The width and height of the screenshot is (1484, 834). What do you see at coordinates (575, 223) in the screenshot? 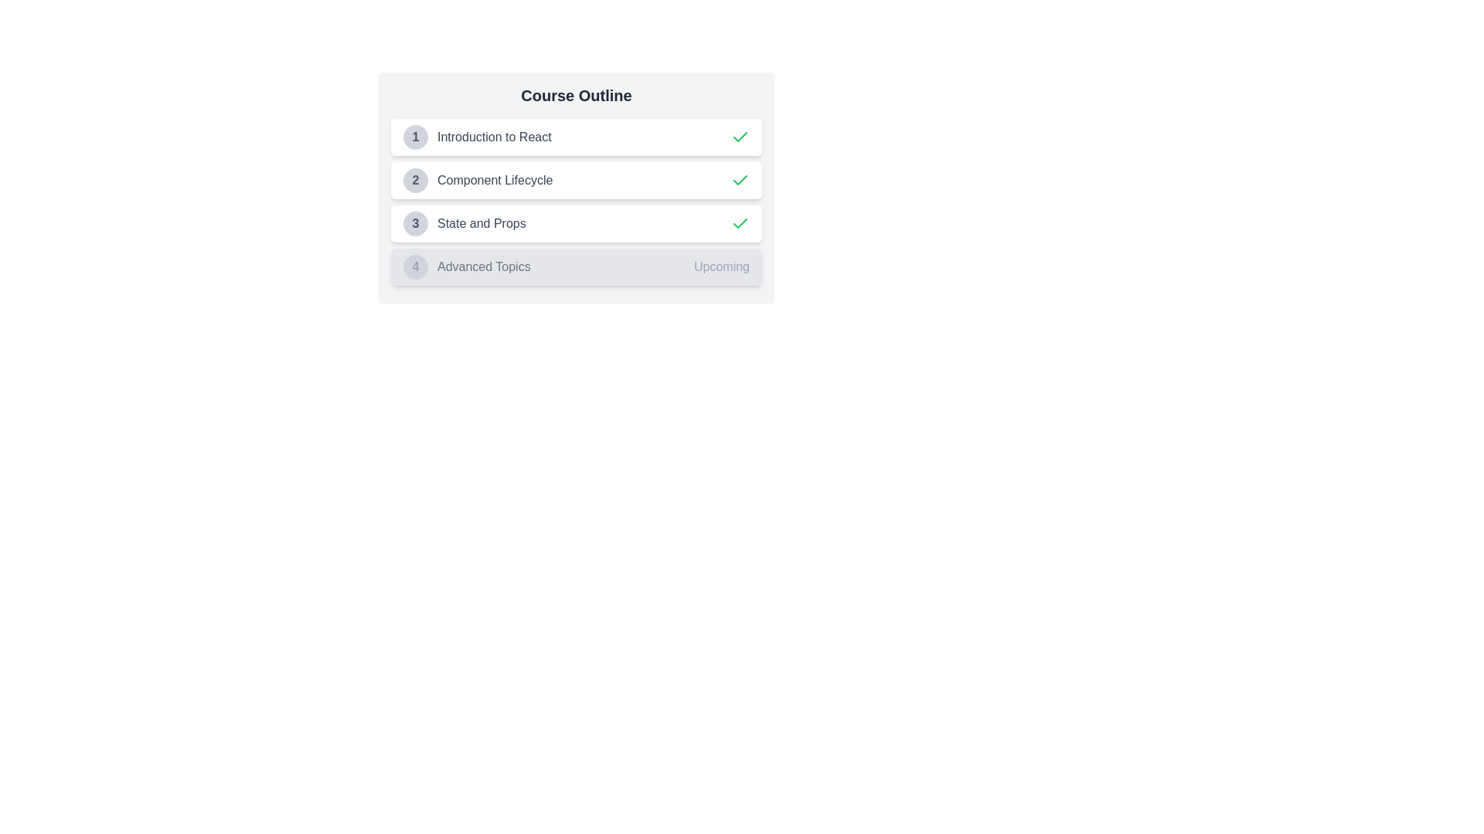
I see `the List Item Card representing the third topic 'State and Props' in the course outline for mobile interaction` at bounding box center [575, 223].